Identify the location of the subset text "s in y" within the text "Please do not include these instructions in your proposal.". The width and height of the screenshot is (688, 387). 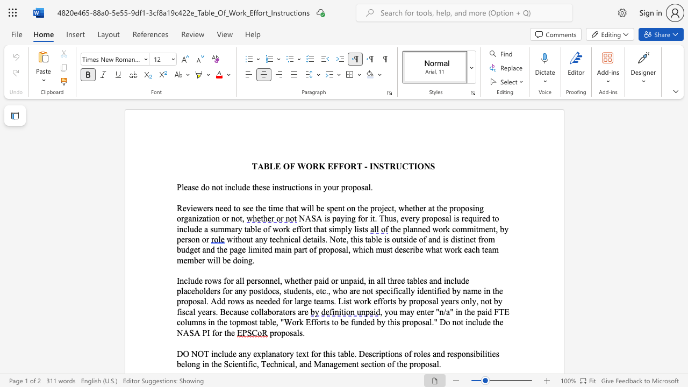
(308, 187).